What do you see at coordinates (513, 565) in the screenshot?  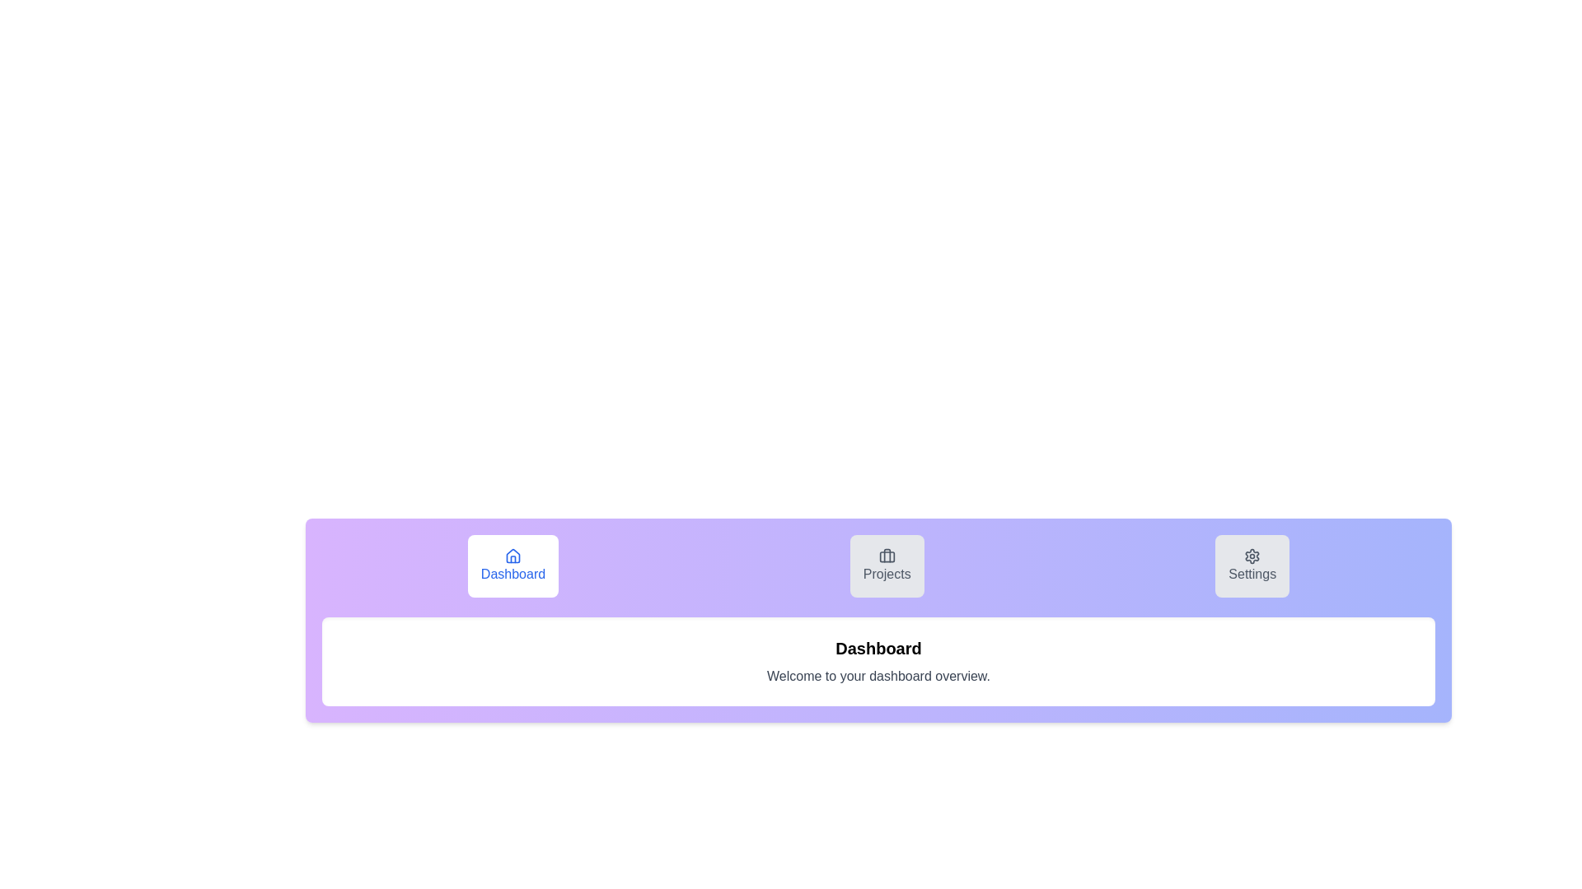 I see `the Dashboard tab by clicking on its button` at bounding box center [513, 565].